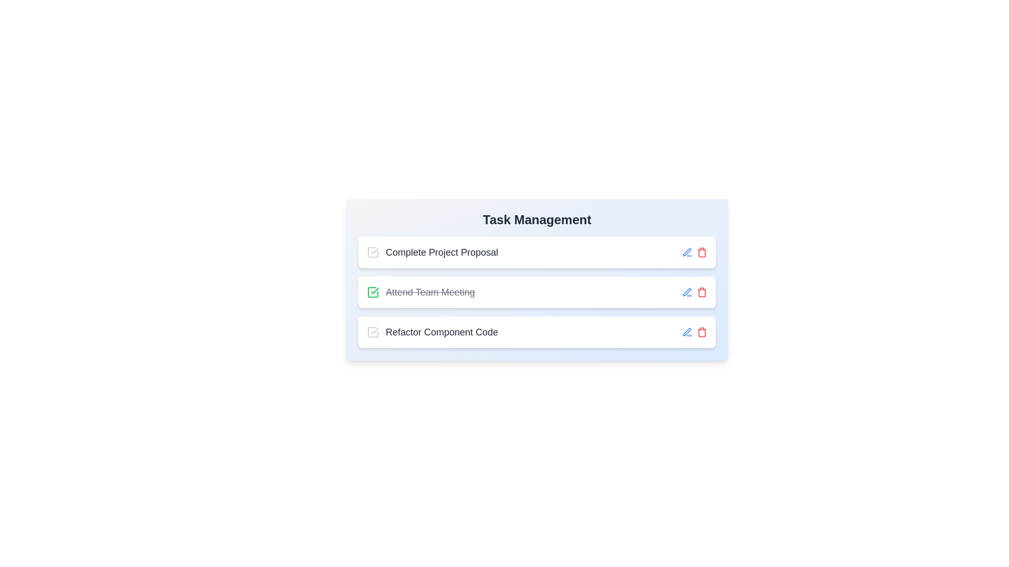  What do you see at coordinates (694, 332) in the screenshot?
I see `the red delete button, which is part of the composite UI component consisting of two buttons (edit and delete) located in the bottom-right corner of the card labeled 'Refactor Component Code'` at bounding box center [694, 332].